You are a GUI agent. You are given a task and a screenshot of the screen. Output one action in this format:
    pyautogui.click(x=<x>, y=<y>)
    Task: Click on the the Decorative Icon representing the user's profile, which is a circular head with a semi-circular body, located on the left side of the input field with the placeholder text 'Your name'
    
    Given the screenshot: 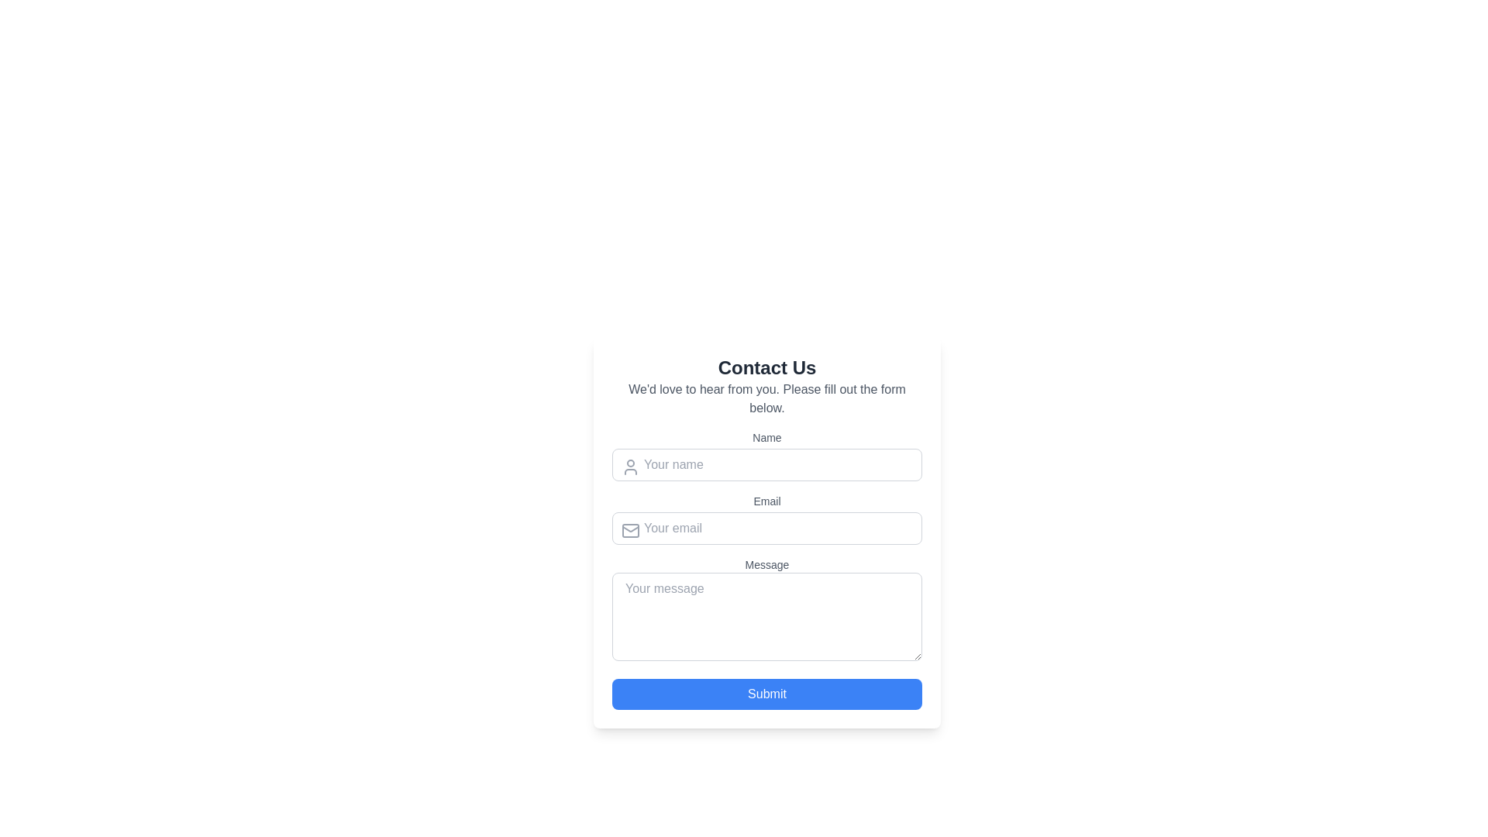 What is the action you would take?
    pyautogui.click(x=631, y=466)
    